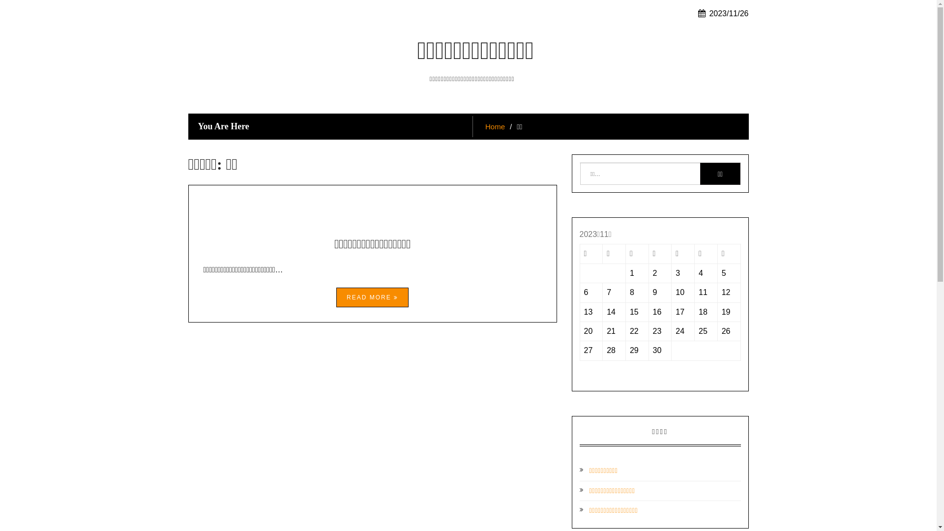 The height and width of the screenshot is (531, 944). Describe the element at coordinates (336, 297) in the screenshot. I see `'READ MORE'` at that location.